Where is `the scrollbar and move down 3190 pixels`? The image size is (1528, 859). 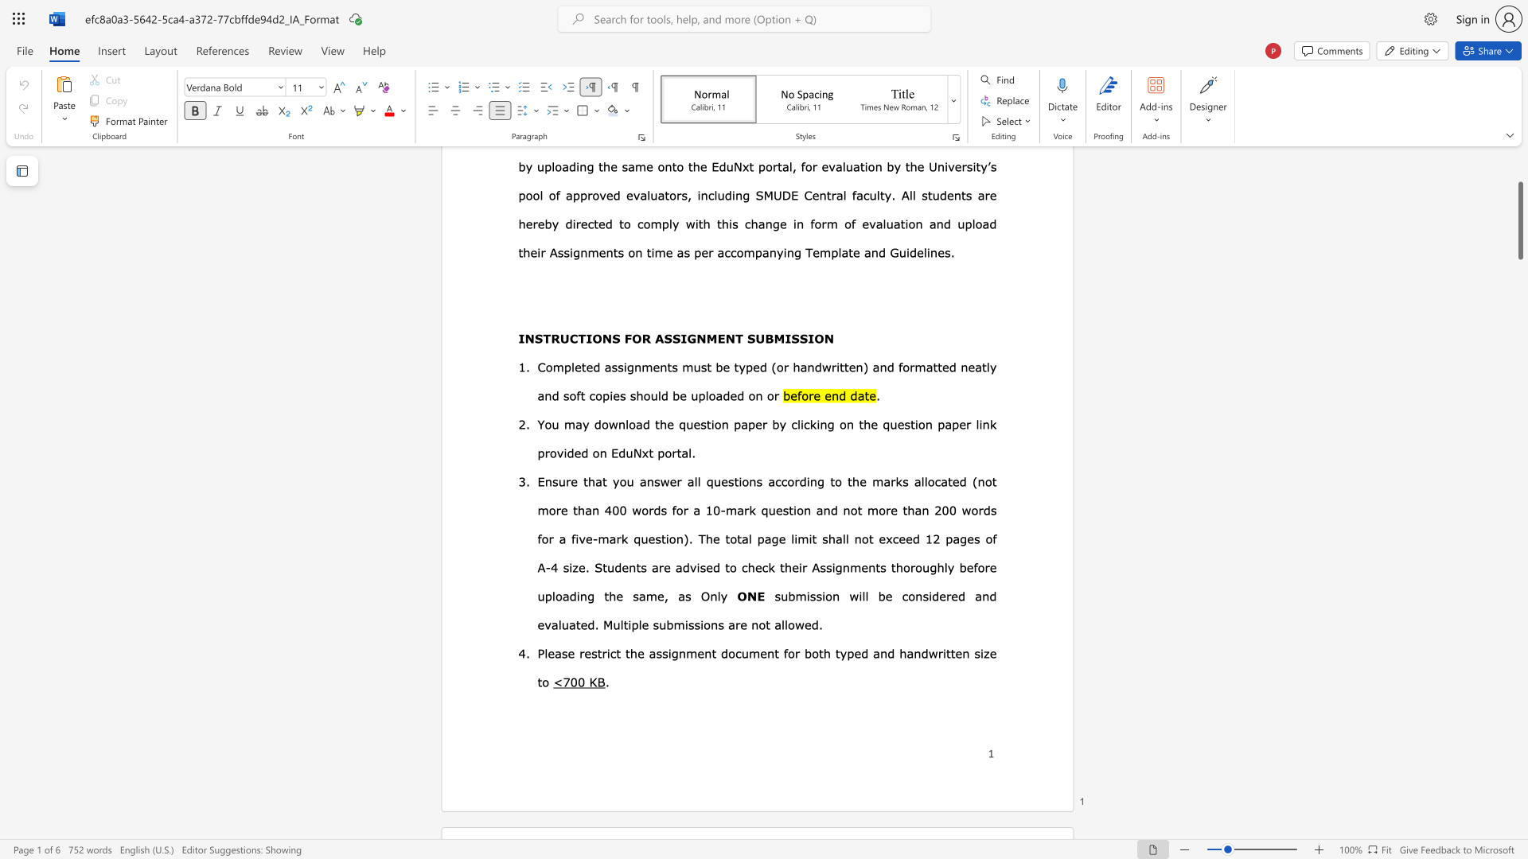
the scrollbar and move down 3190 pixels is located at coordinates (1519, 220).